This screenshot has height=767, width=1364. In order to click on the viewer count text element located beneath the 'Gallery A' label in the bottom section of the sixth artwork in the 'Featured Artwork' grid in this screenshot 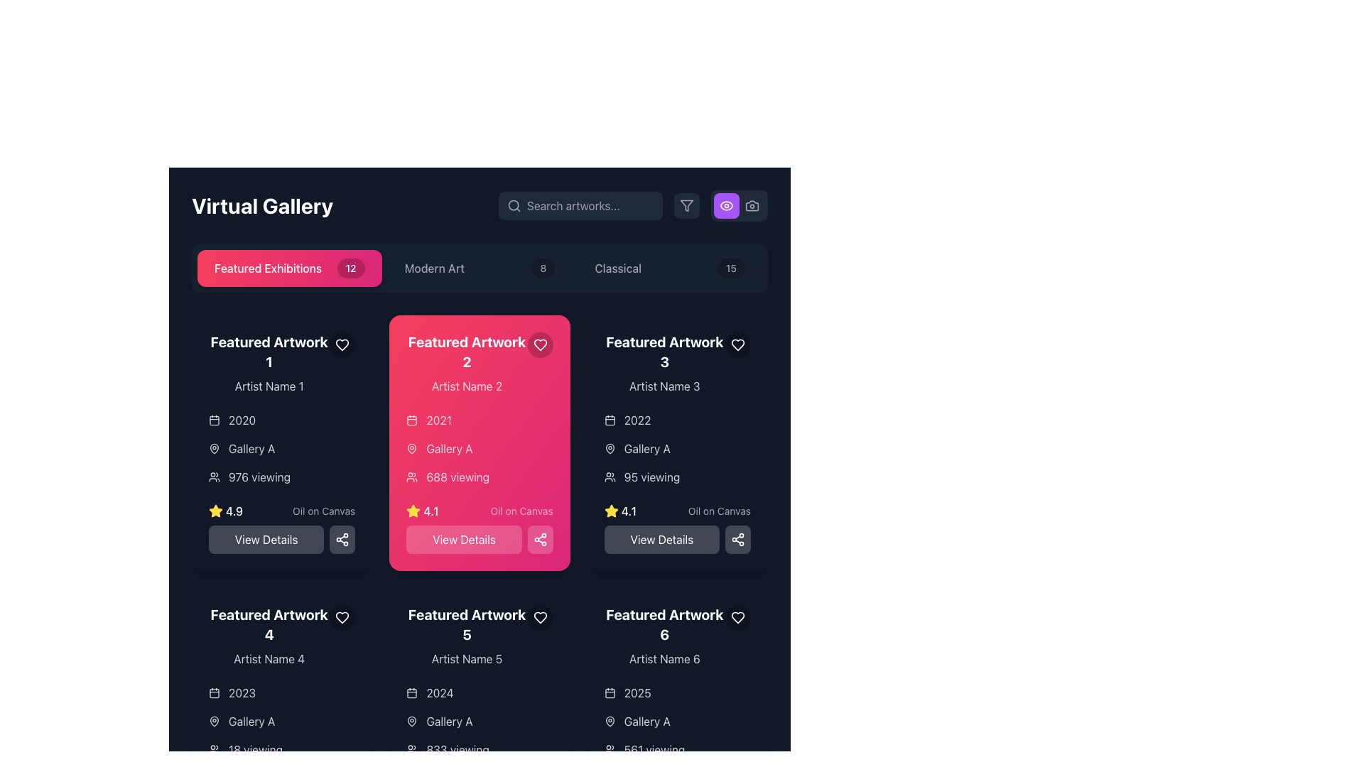, I will do `click(676, 749)`.